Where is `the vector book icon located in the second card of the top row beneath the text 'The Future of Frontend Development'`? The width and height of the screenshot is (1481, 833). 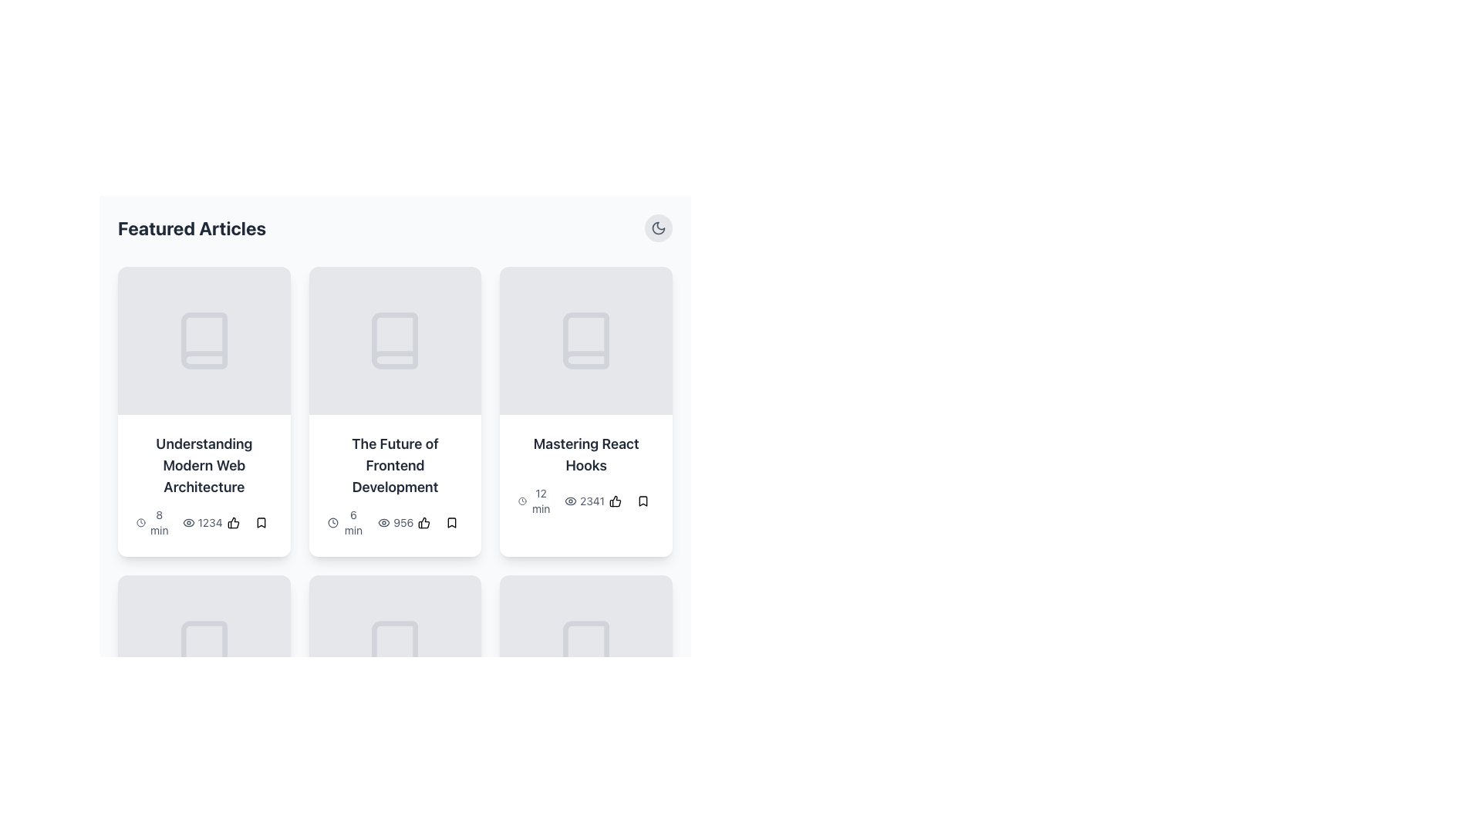 the vector book icon located in the second card of the top row beneath the text 'The Future of Frontend Development' is located at coordinates (395, 340).